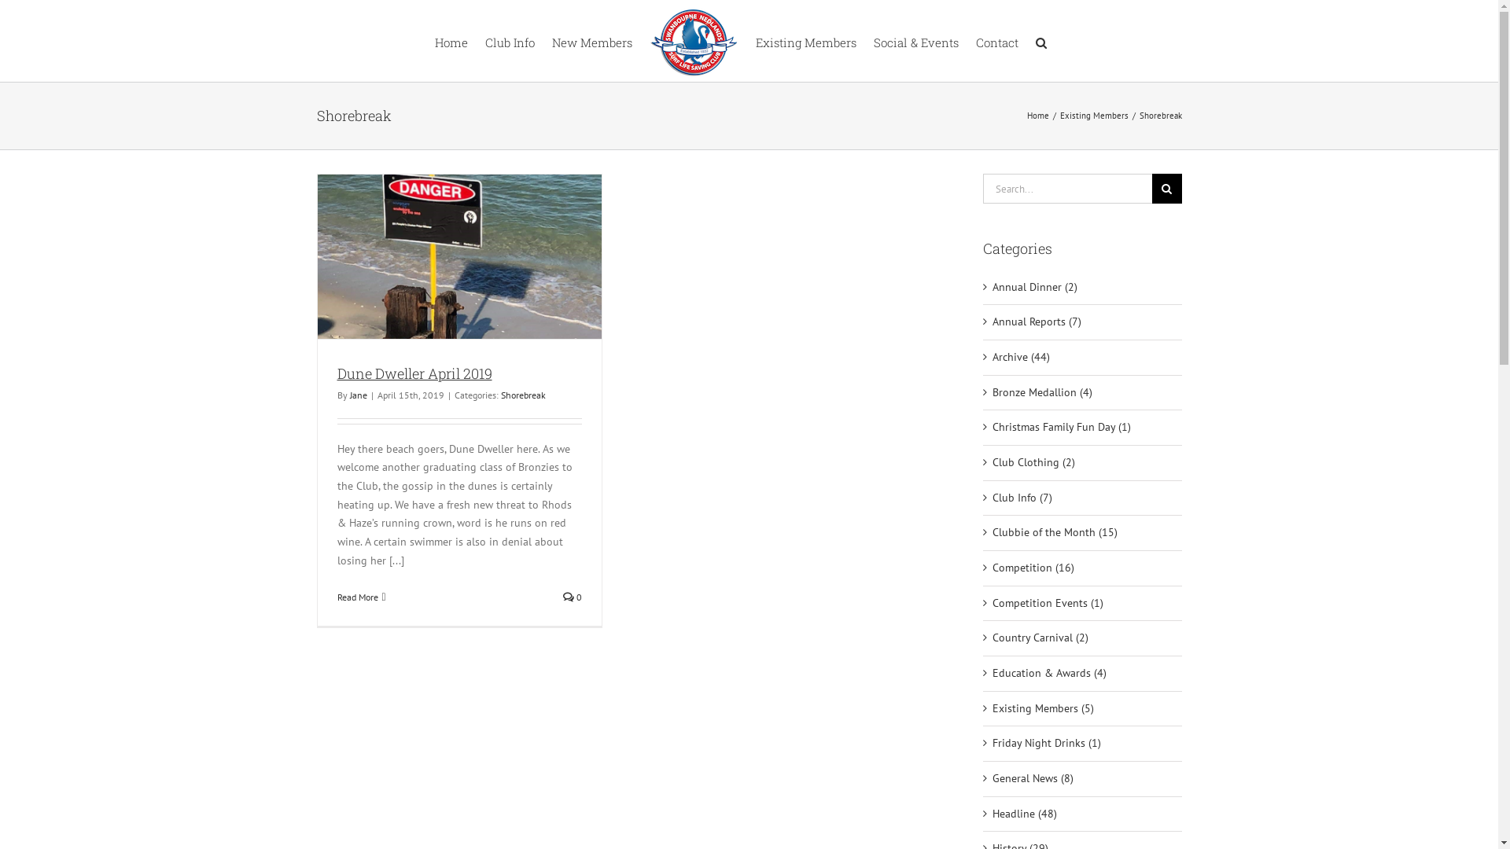 The width and height of the screenshot is (1510, 849). Describe the element at coordinates (1082, 814) in the screenshot. I see `'Headline (48)'` at that location.